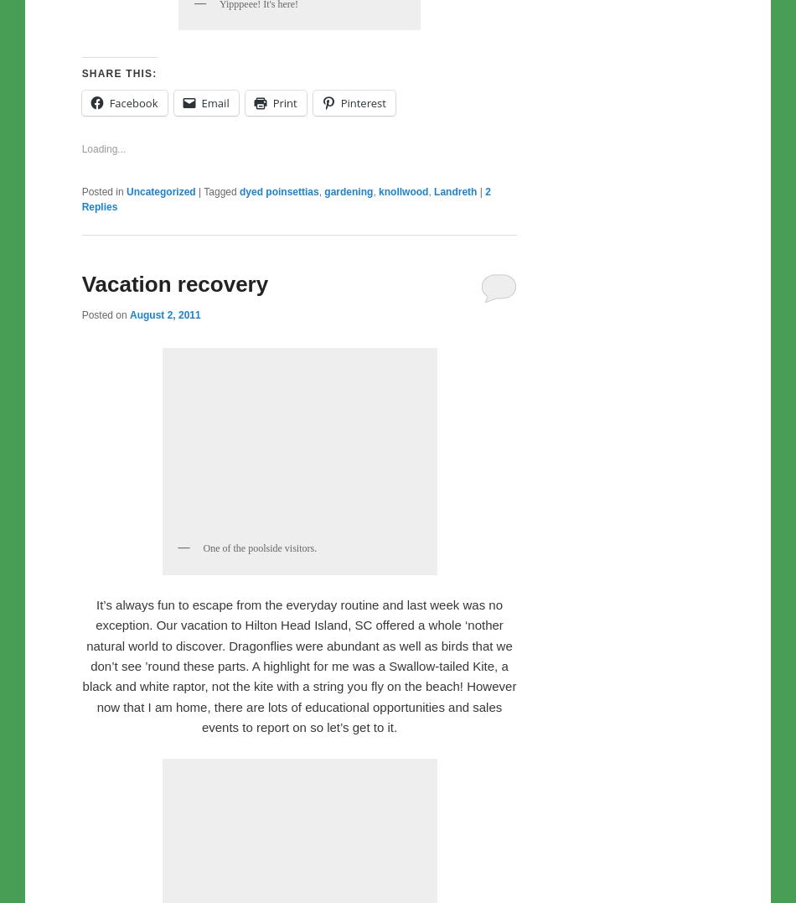 Image resolution: width=796 pixels, height=903 pixels. I want to click on 'August 2, 2011', so click(165, 665).